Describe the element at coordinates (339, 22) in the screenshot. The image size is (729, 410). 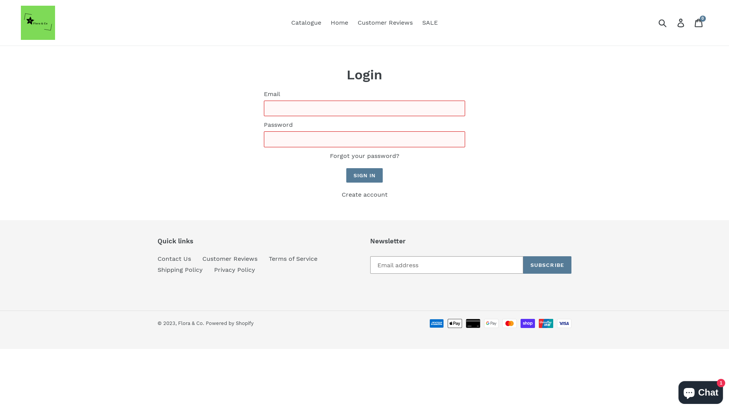
I see `'Home'` at that location.